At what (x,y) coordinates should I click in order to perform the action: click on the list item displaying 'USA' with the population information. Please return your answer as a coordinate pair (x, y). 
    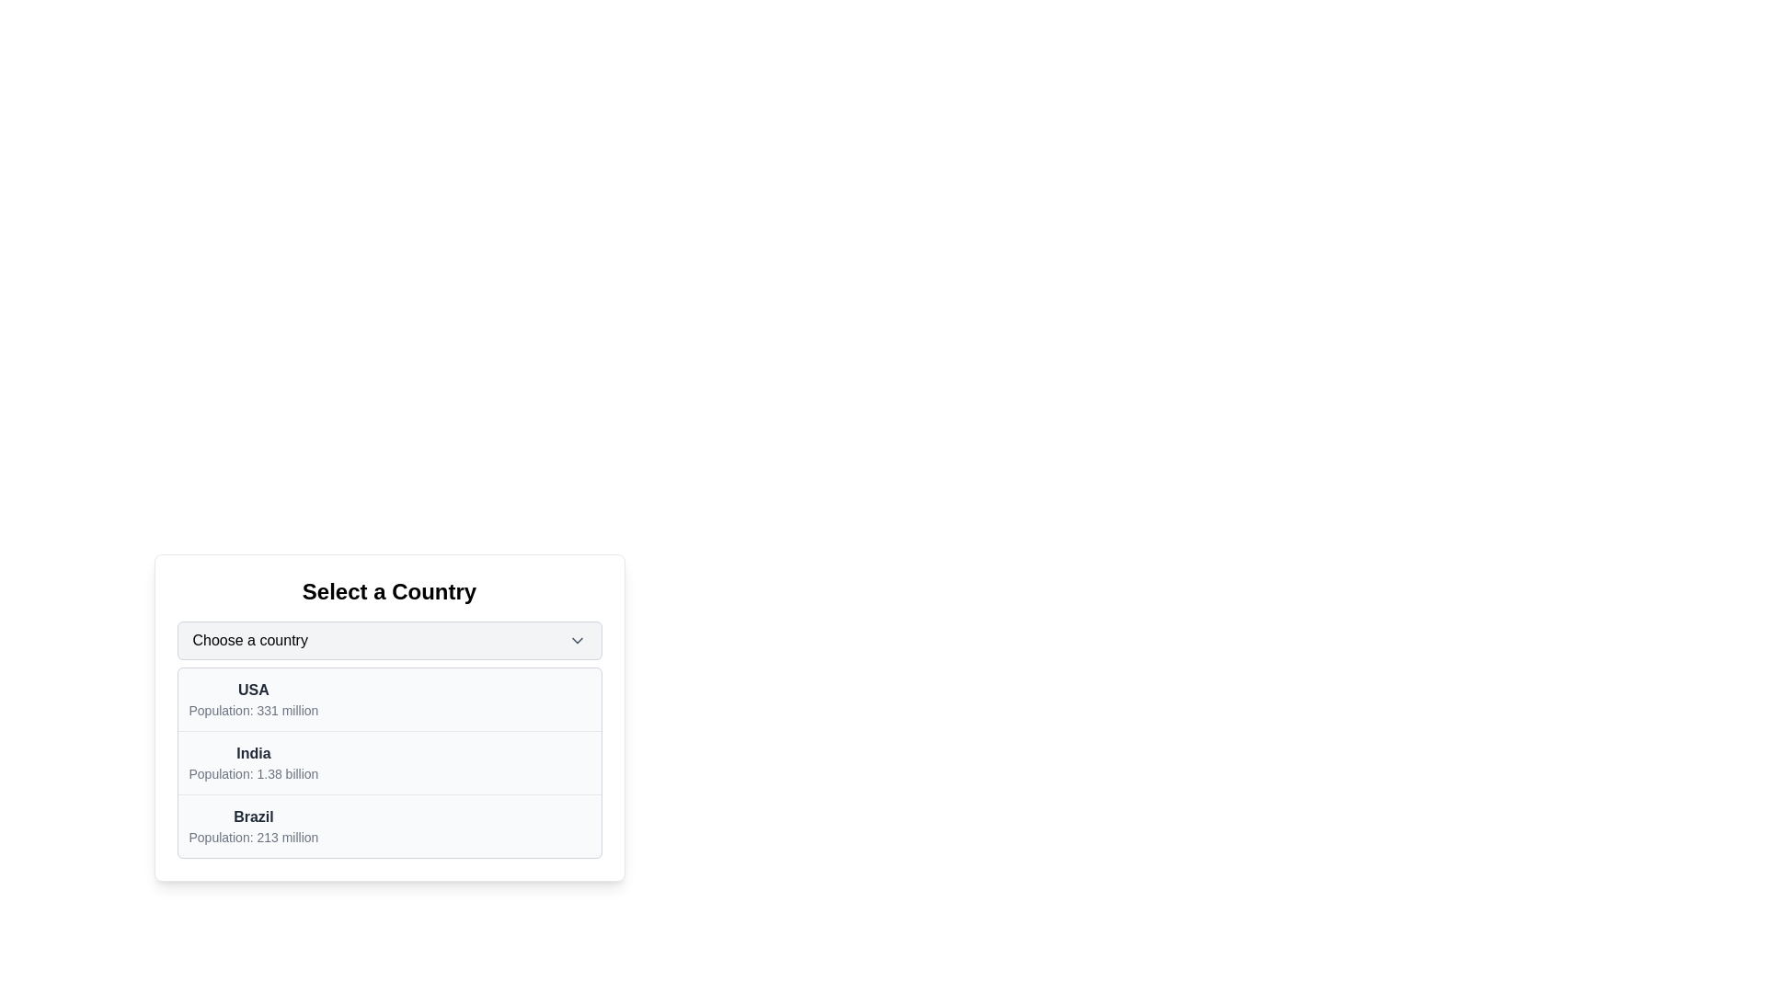
    Looking at the image, I should click on (388, 700).